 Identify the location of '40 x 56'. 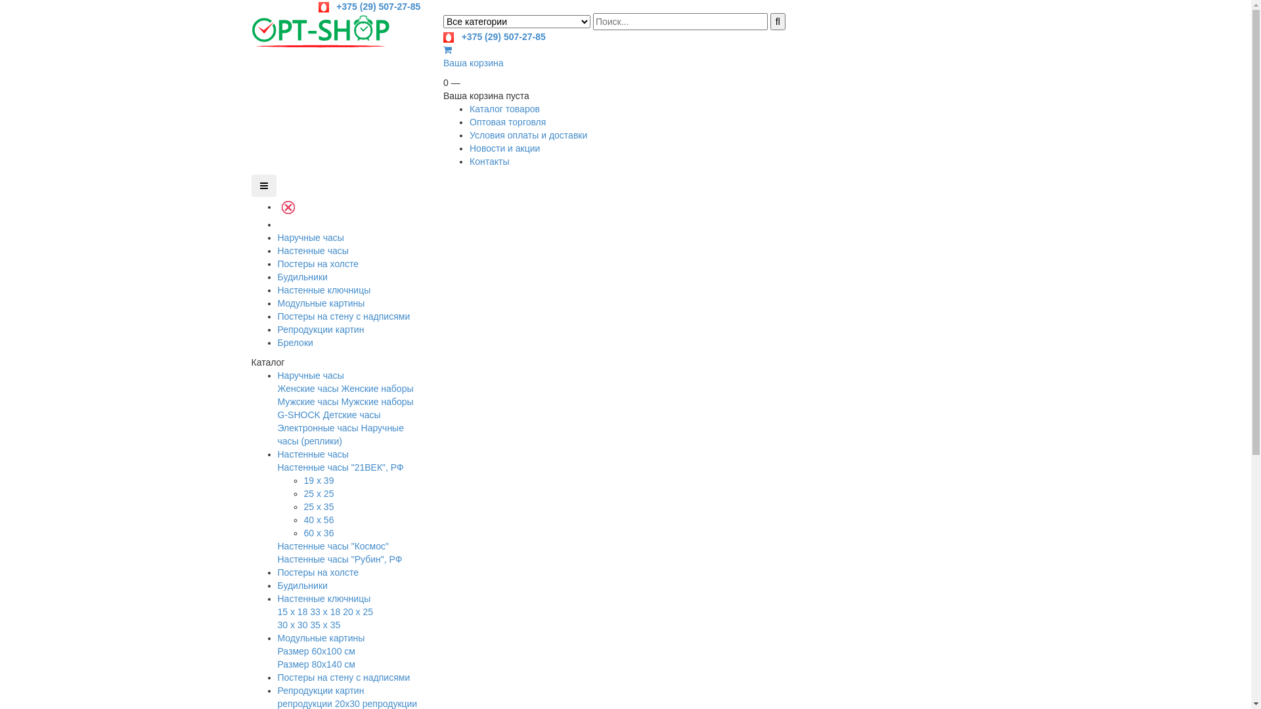
(318, 519).